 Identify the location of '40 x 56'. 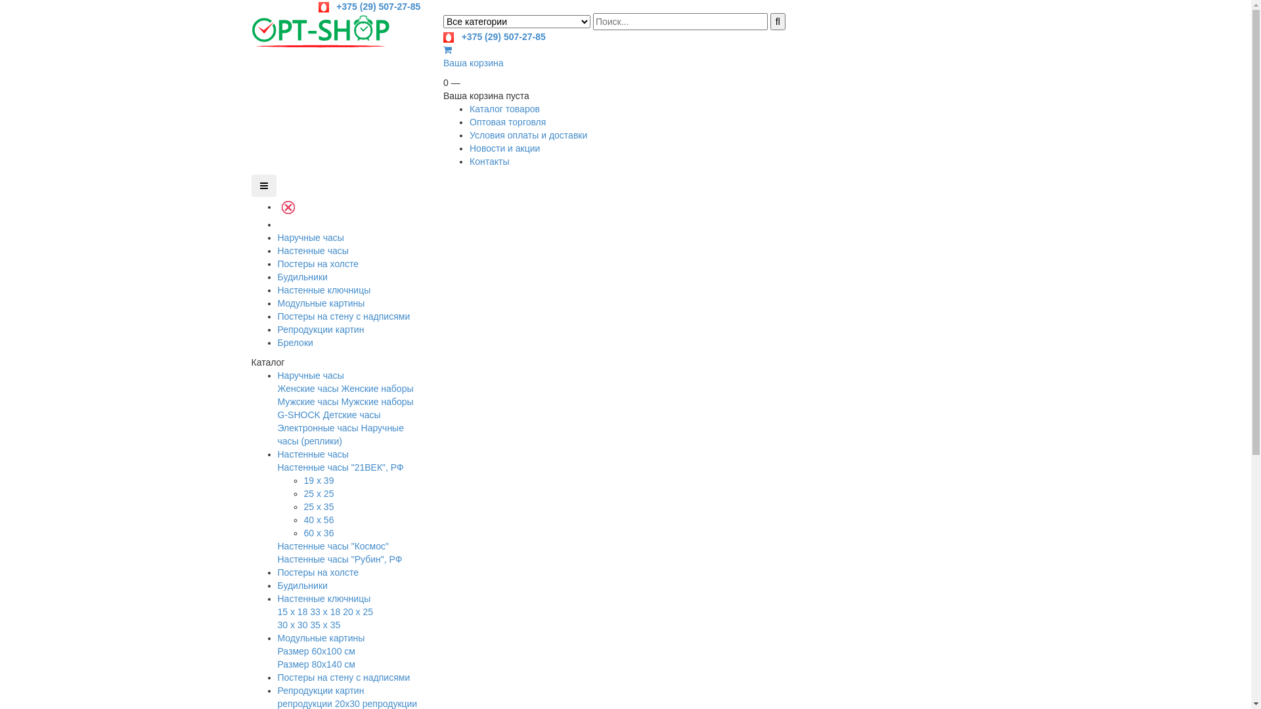
(318, 519).